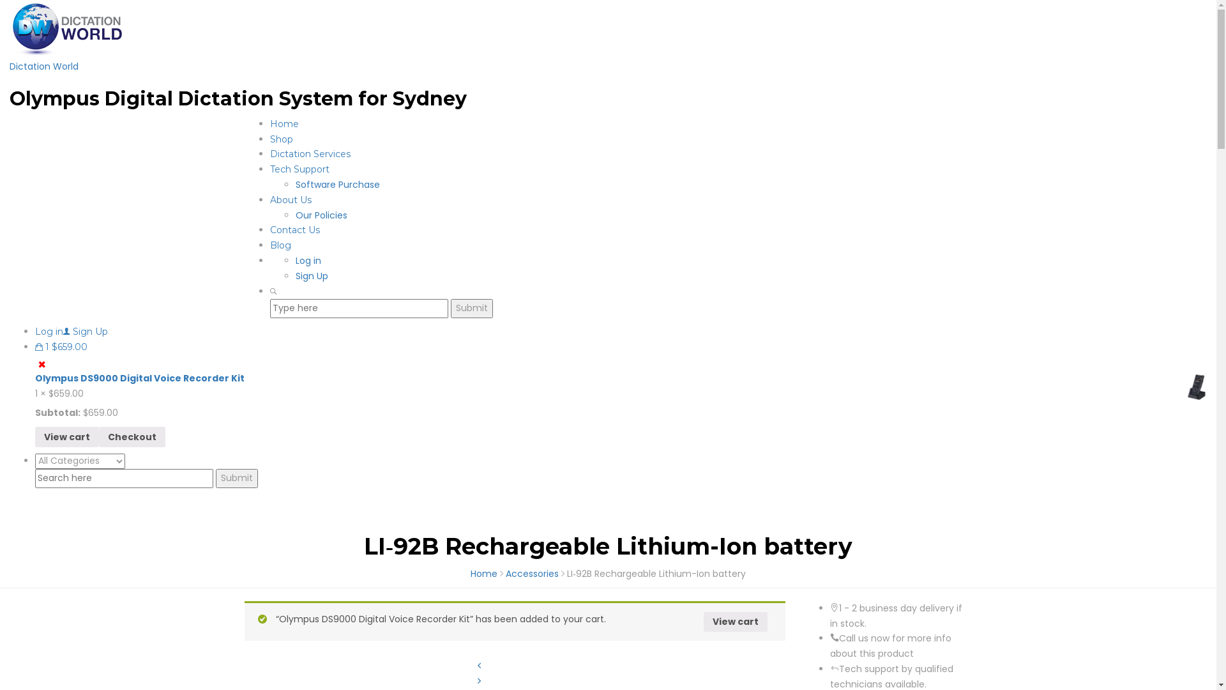 This screenshot has width=1226, height=690. What do you see at coordinates (298, 169) in the screenshot?
I see `'Tech Support'` at bounding box center [298, 169].